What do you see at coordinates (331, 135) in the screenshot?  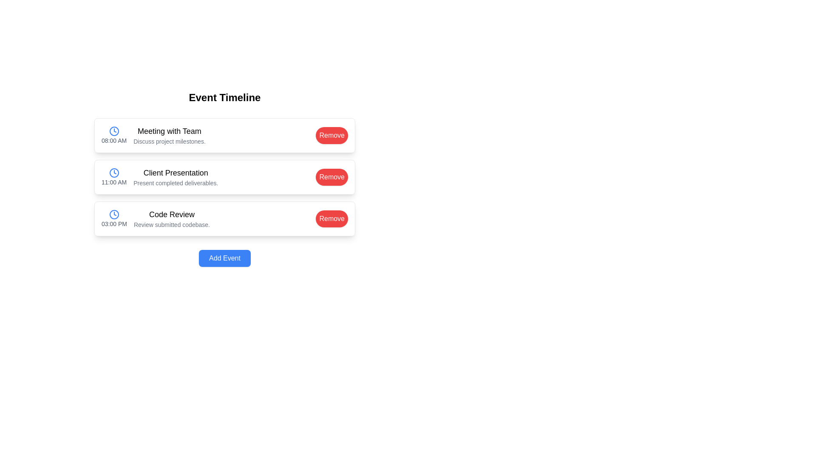 I see `the red 'Remove' button with white text located on the right side of the first row in the 'Event Timeline' list to change its color` at bounding box center [331, 135].